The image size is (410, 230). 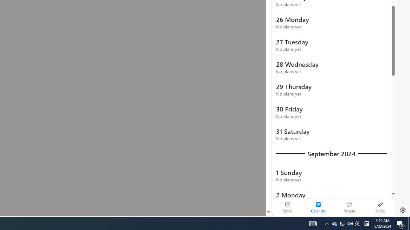 I want to click on 'To Do', so click(x=380, y=207).